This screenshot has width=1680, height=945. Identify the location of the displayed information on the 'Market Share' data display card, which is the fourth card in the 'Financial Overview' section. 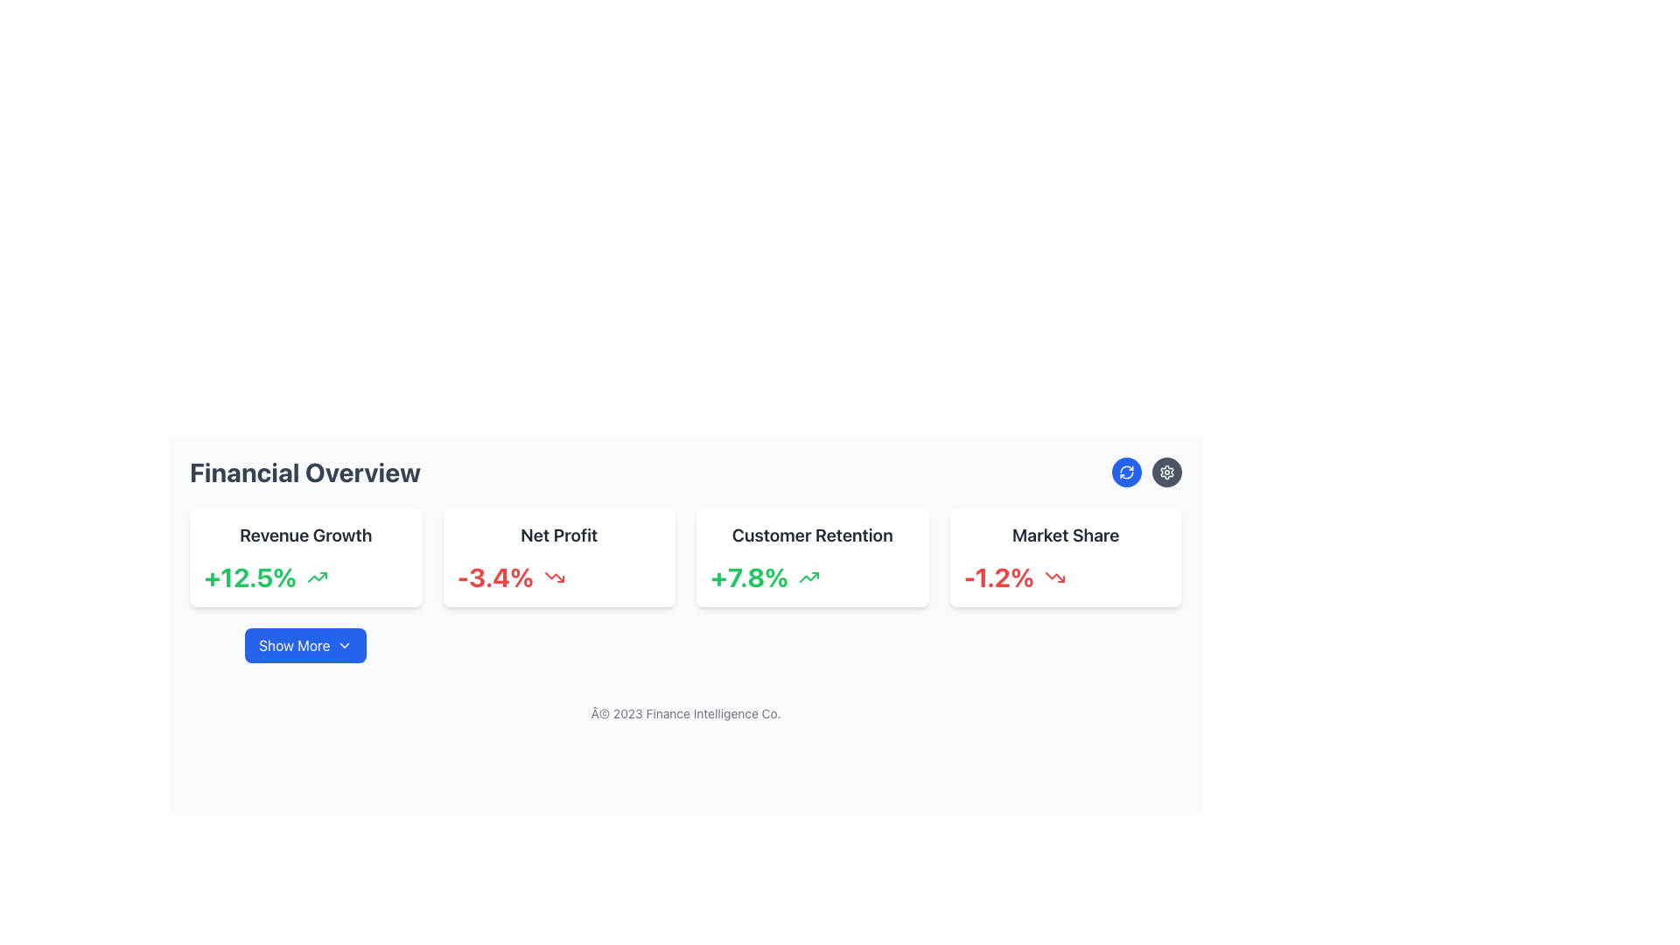
(1065, 557).